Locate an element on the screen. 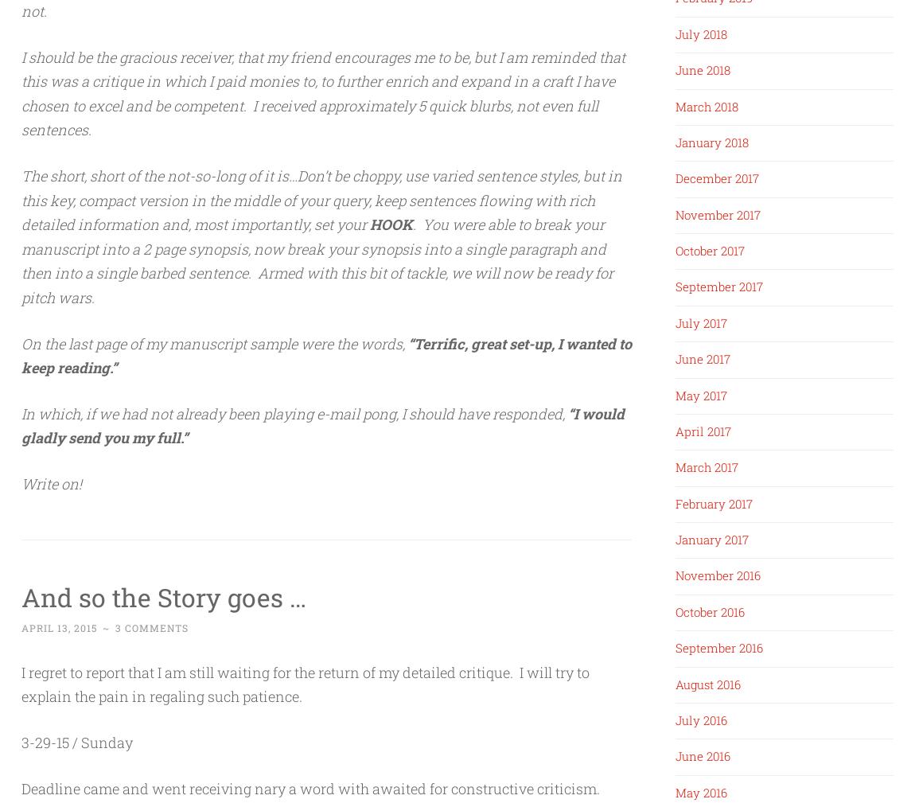 The height and width of the screenshot is (807, 915). 'October 2016' is located at coordinates (710, 611).